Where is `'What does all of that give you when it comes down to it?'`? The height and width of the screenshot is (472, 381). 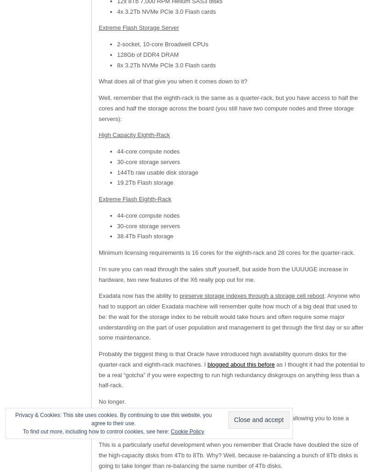 'What does all of that give you when it comes down to it?' is located at coordinates (98, 81).